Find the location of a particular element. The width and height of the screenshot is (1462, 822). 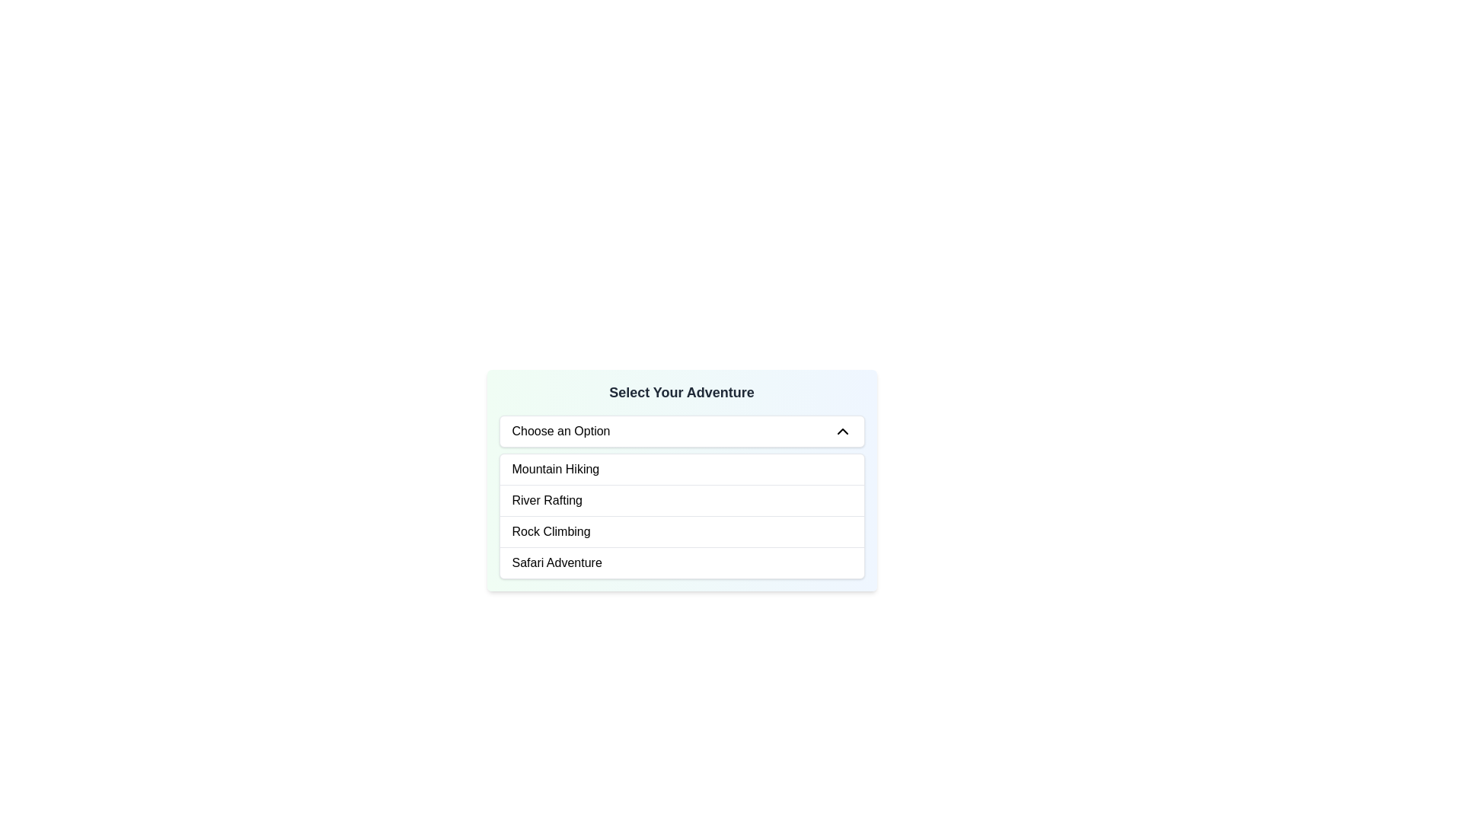

the first selectable option 'Mountain Hiking' in the dropdown list titled 'Choose an Option' is located at coordinates (681, 480).